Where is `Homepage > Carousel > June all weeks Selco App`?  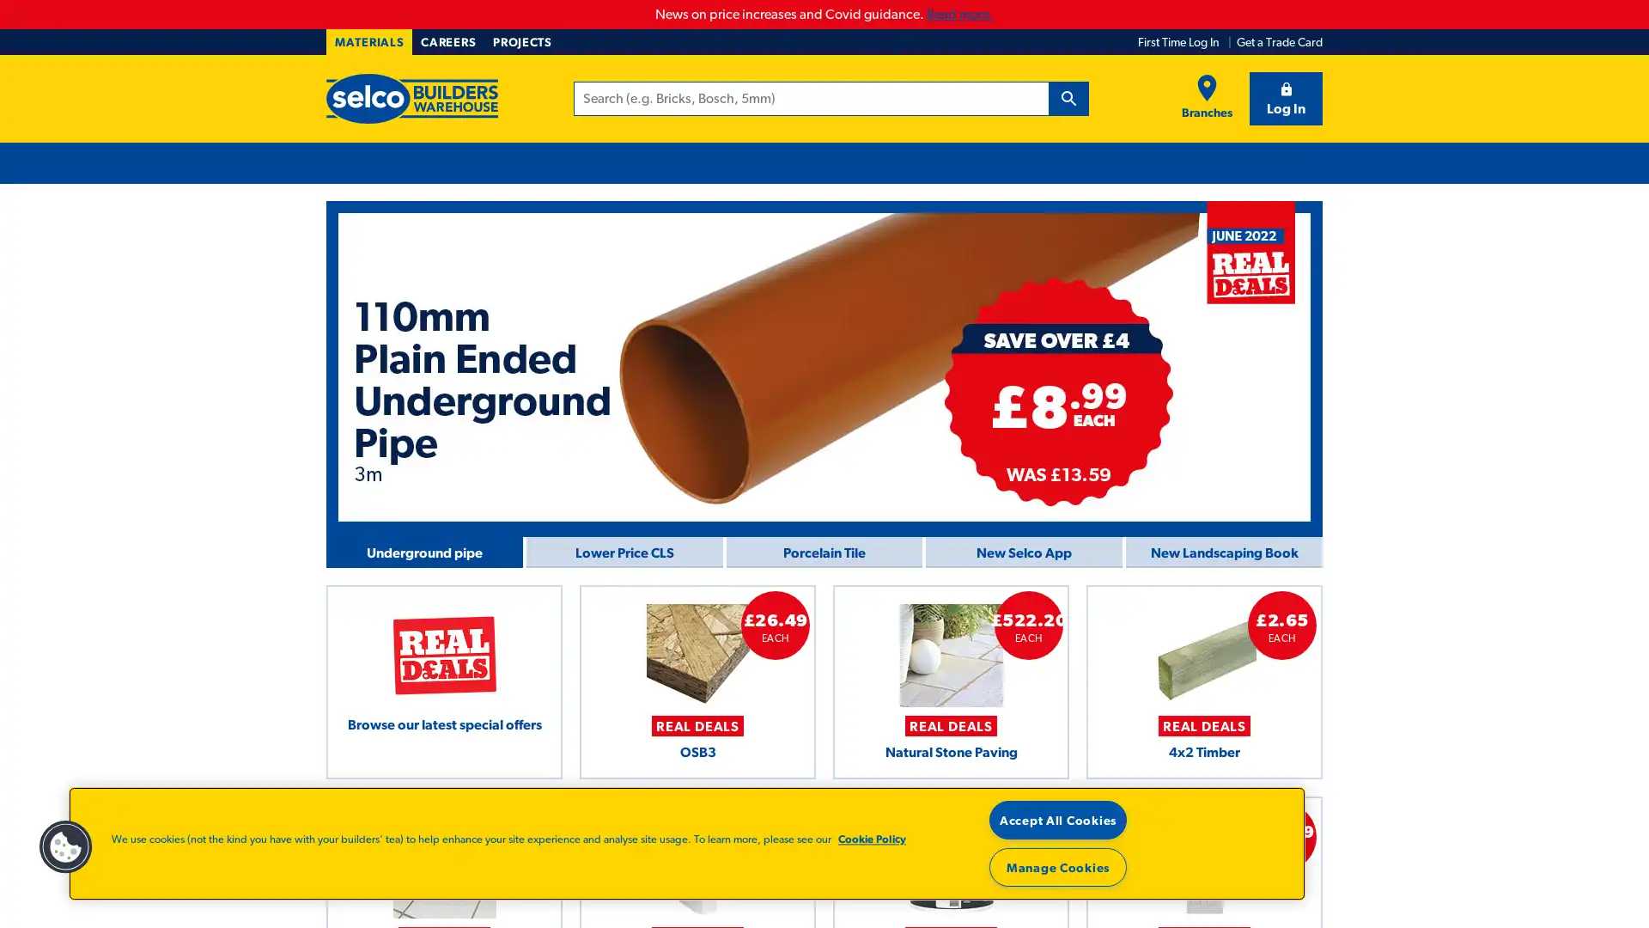
Homepage > Carousel > June all weeks Selco App is located at coordinates (1024, 553).